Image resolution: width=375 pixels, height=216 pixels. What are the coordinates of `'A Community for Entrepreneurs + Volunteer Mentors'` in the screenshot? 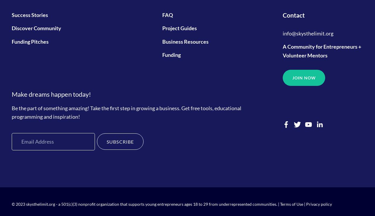 It's located at (322, 50).